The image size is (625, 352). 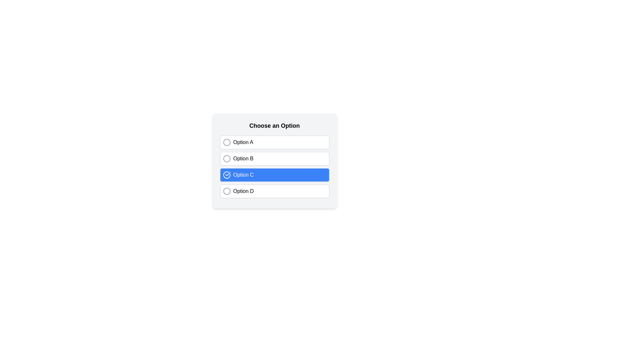 I want to click on the leftmost radio button for 'Option D', so click(x=227, y=191).